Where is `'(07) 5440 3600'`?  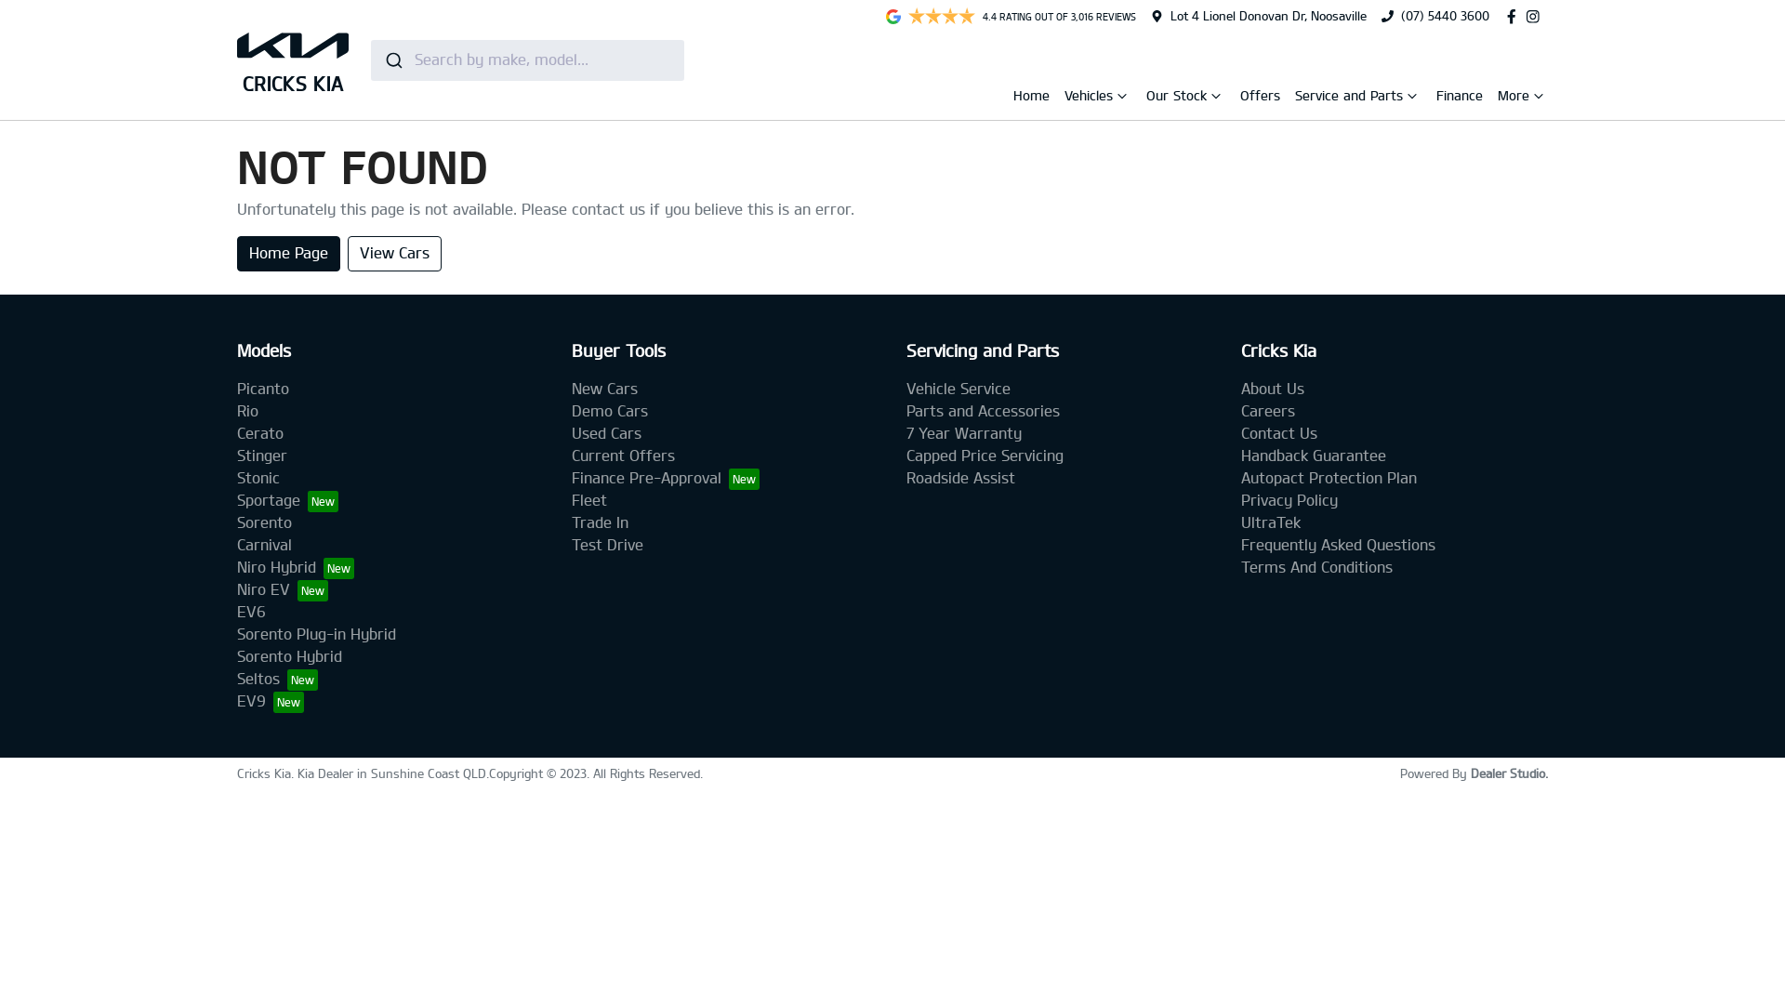
'(07) 5440 3600' is located at coordinates (1444, 15).